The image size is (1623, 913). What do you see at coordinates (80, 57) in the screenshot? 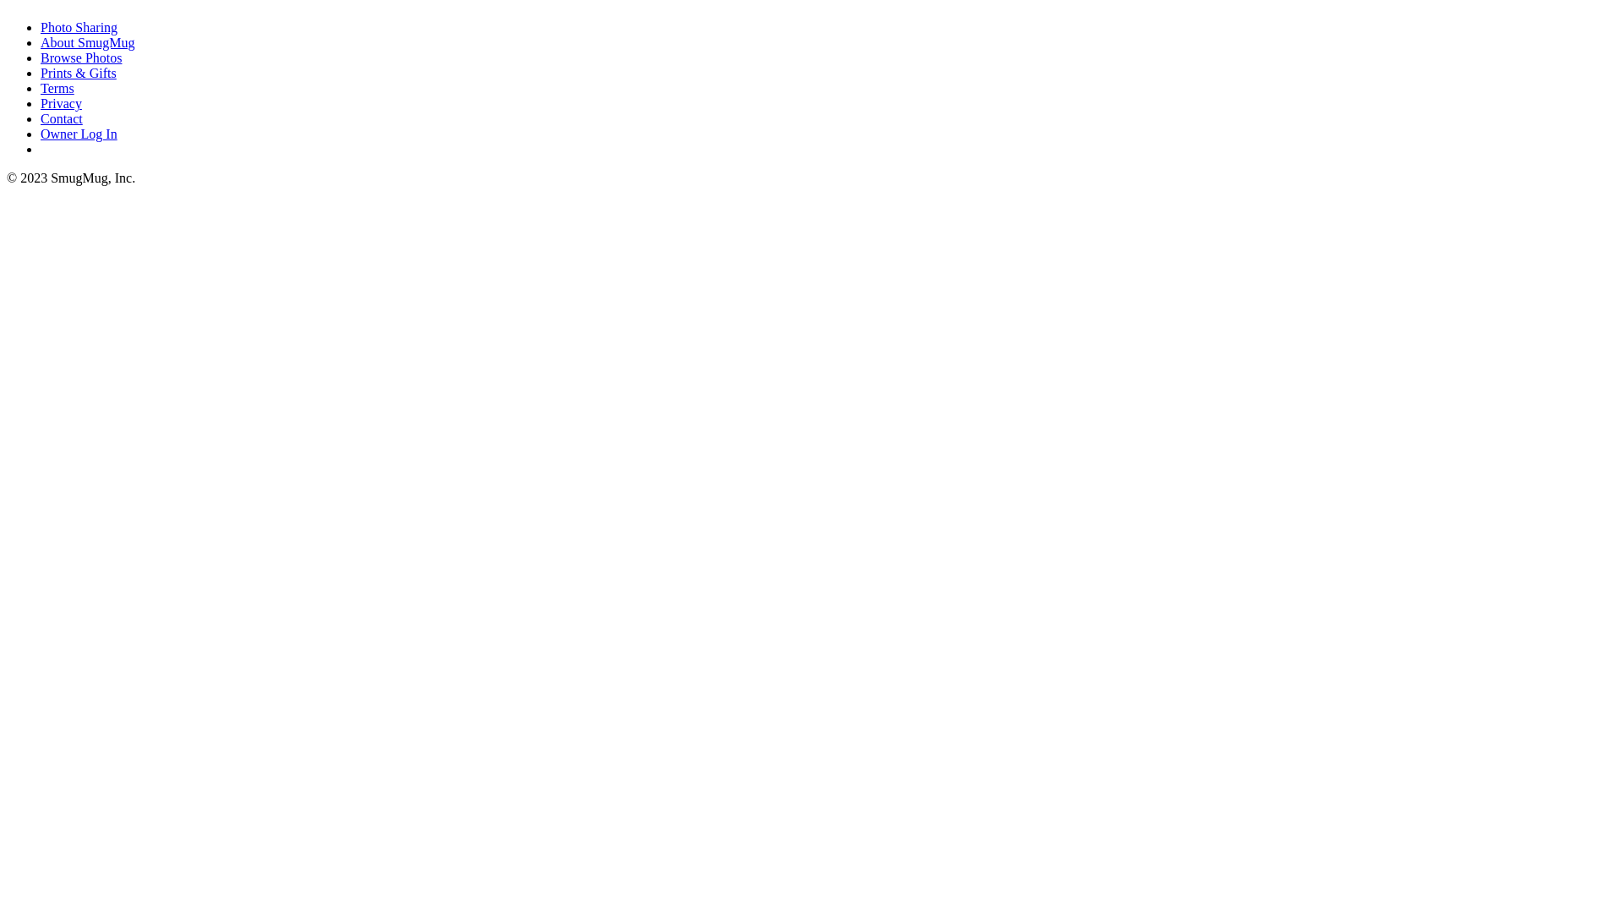
I see `'Browse Photos'` at bounding box center [80, 57].